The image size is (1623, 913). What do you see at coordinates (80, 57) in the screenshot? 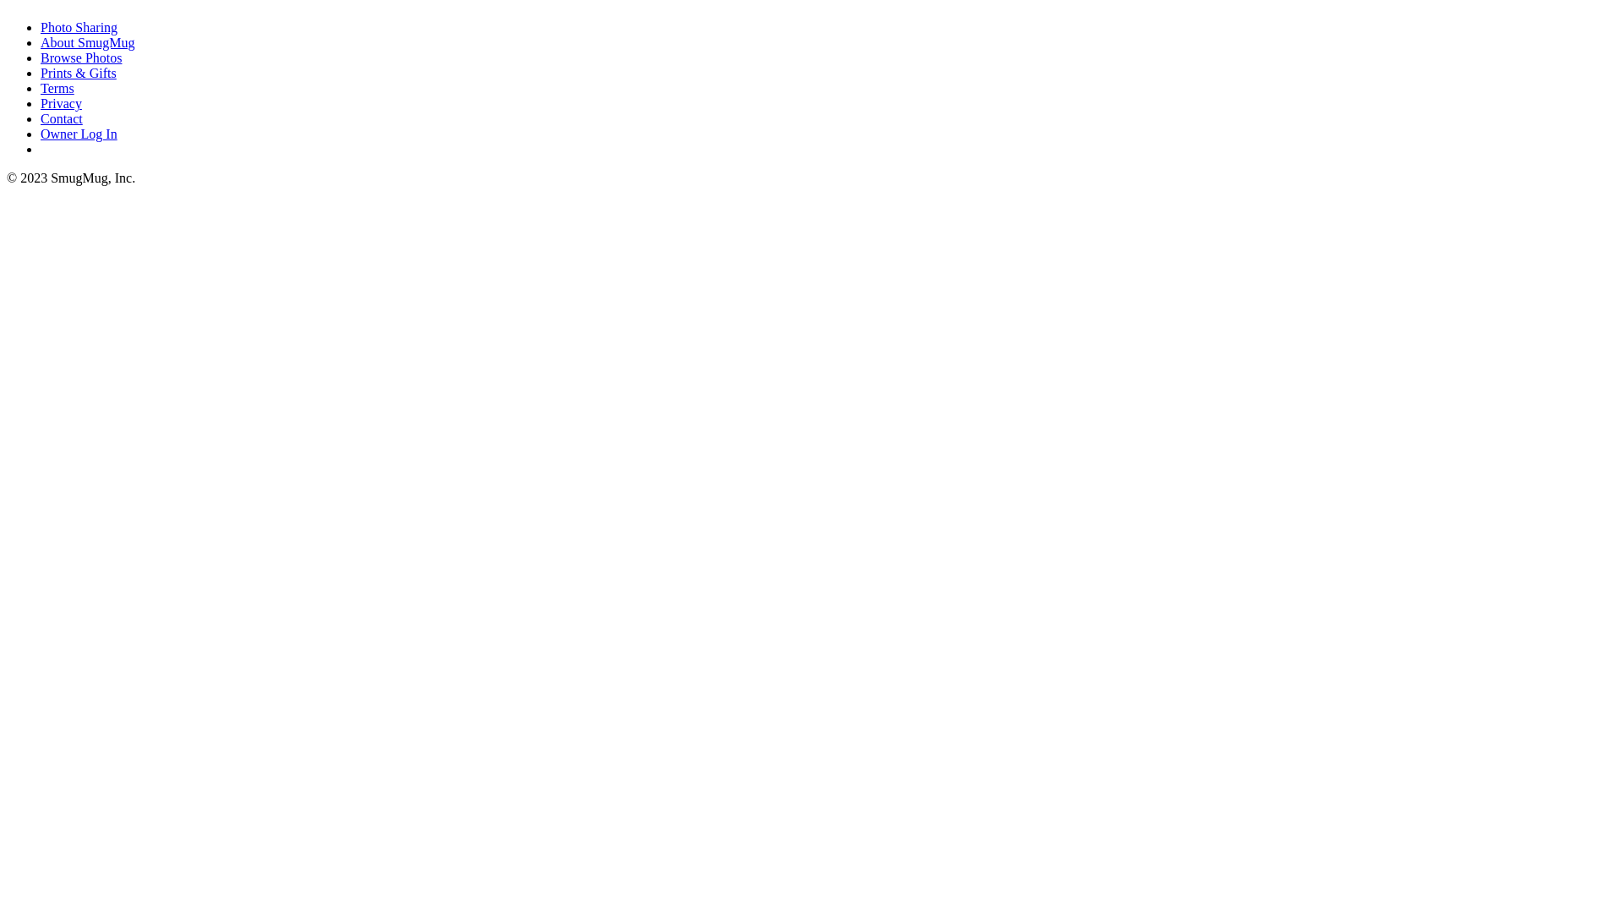
I see `'Browse Photos'` at bounding box center [80, 57].